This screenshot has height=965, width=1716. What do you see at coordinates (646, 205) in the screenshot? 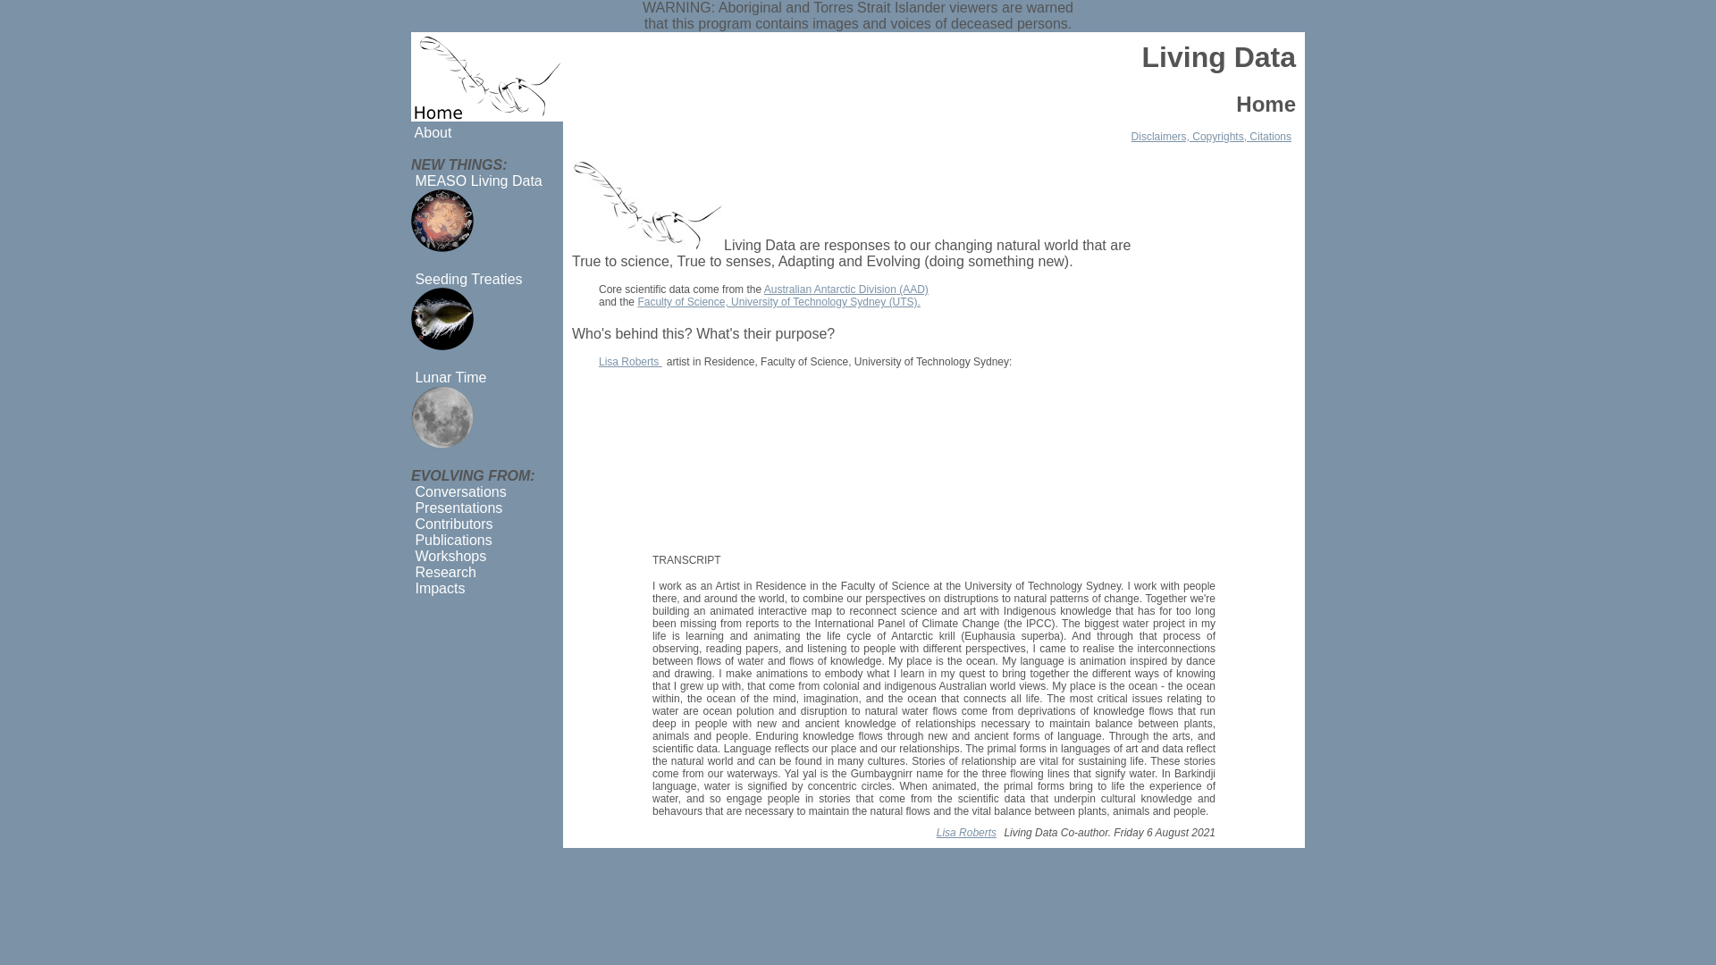
I see `'Euphausia superba (Antarctic krill)'` at bounding box center [646, 205].